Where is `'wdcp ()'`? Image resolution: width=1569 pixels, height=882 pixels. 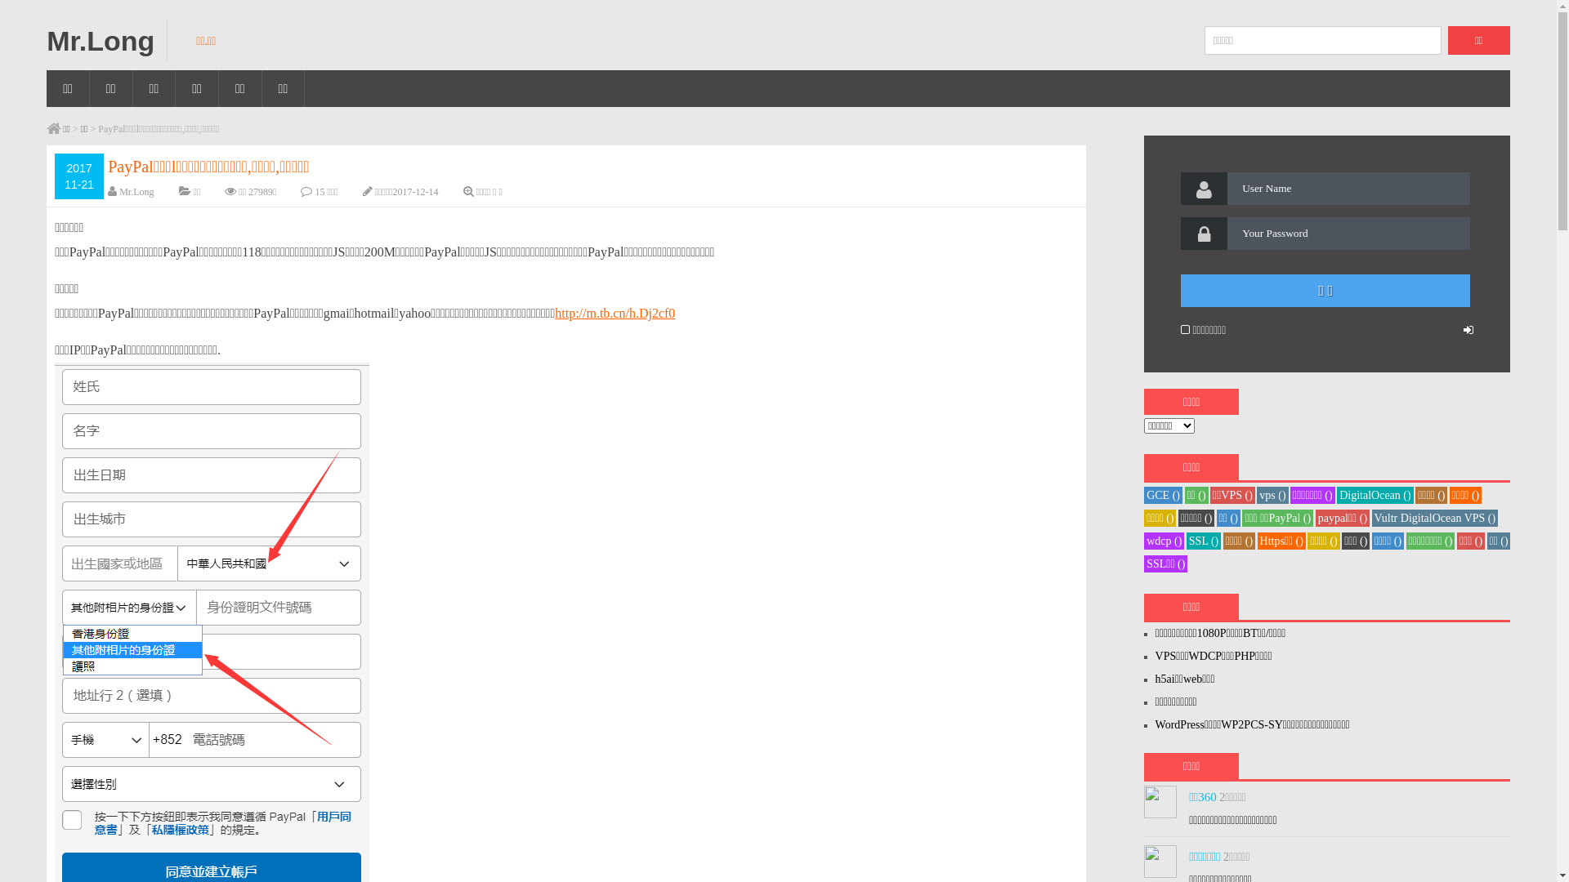 'wdcp ()' is located at coordinates (1163, 541).